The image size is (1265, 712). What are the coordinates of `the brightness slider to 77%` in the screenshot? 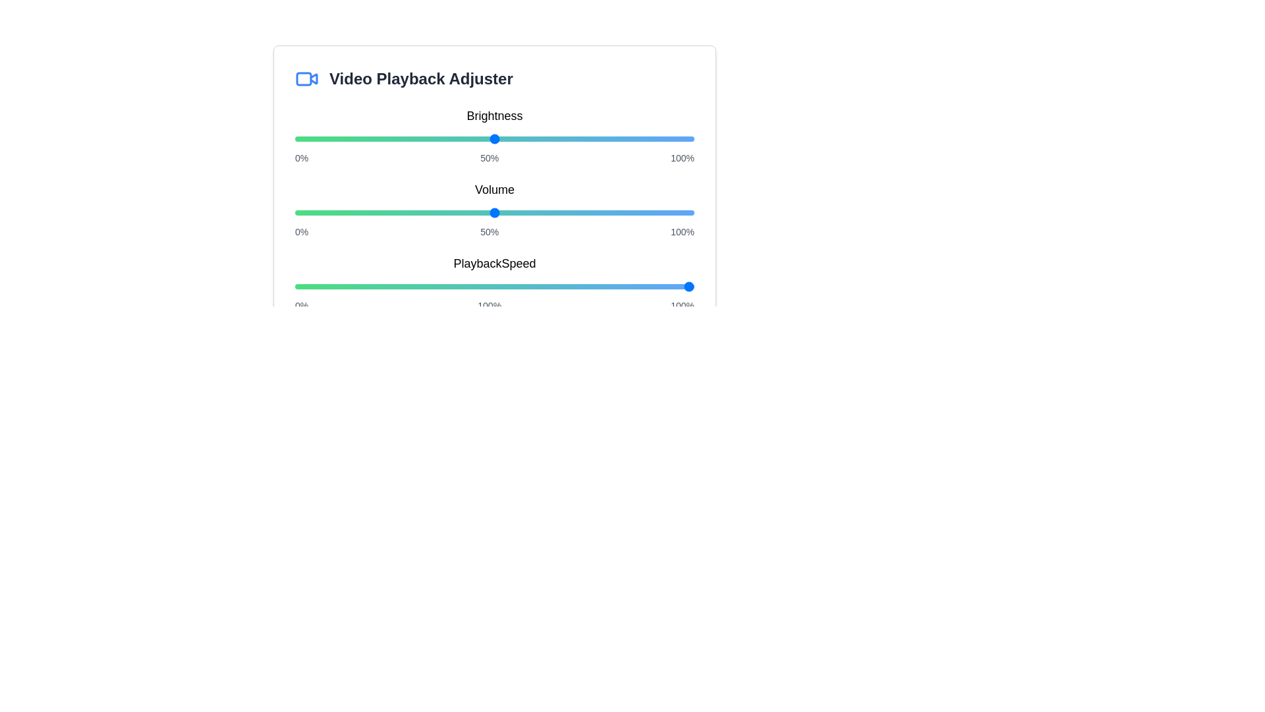 It's located at (602, 139).